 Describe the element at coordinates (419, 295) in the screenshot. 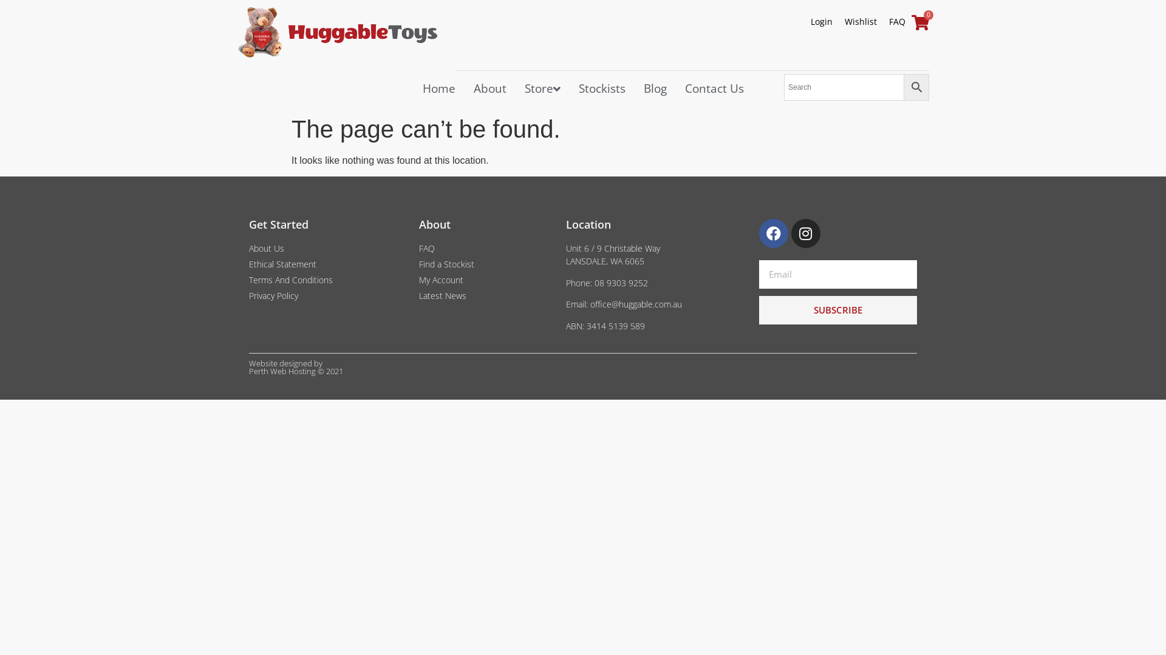

I see `'Latest News'` at that location.